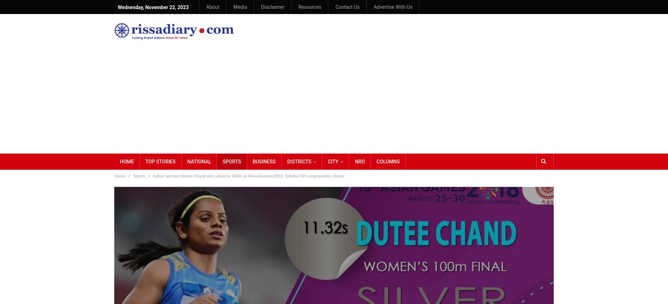 This screenshot has width=668, height=304. What do you see at coordinates (332, 161) in the screenshot?
I see `'CITY'` at bounding box center [332, 161].